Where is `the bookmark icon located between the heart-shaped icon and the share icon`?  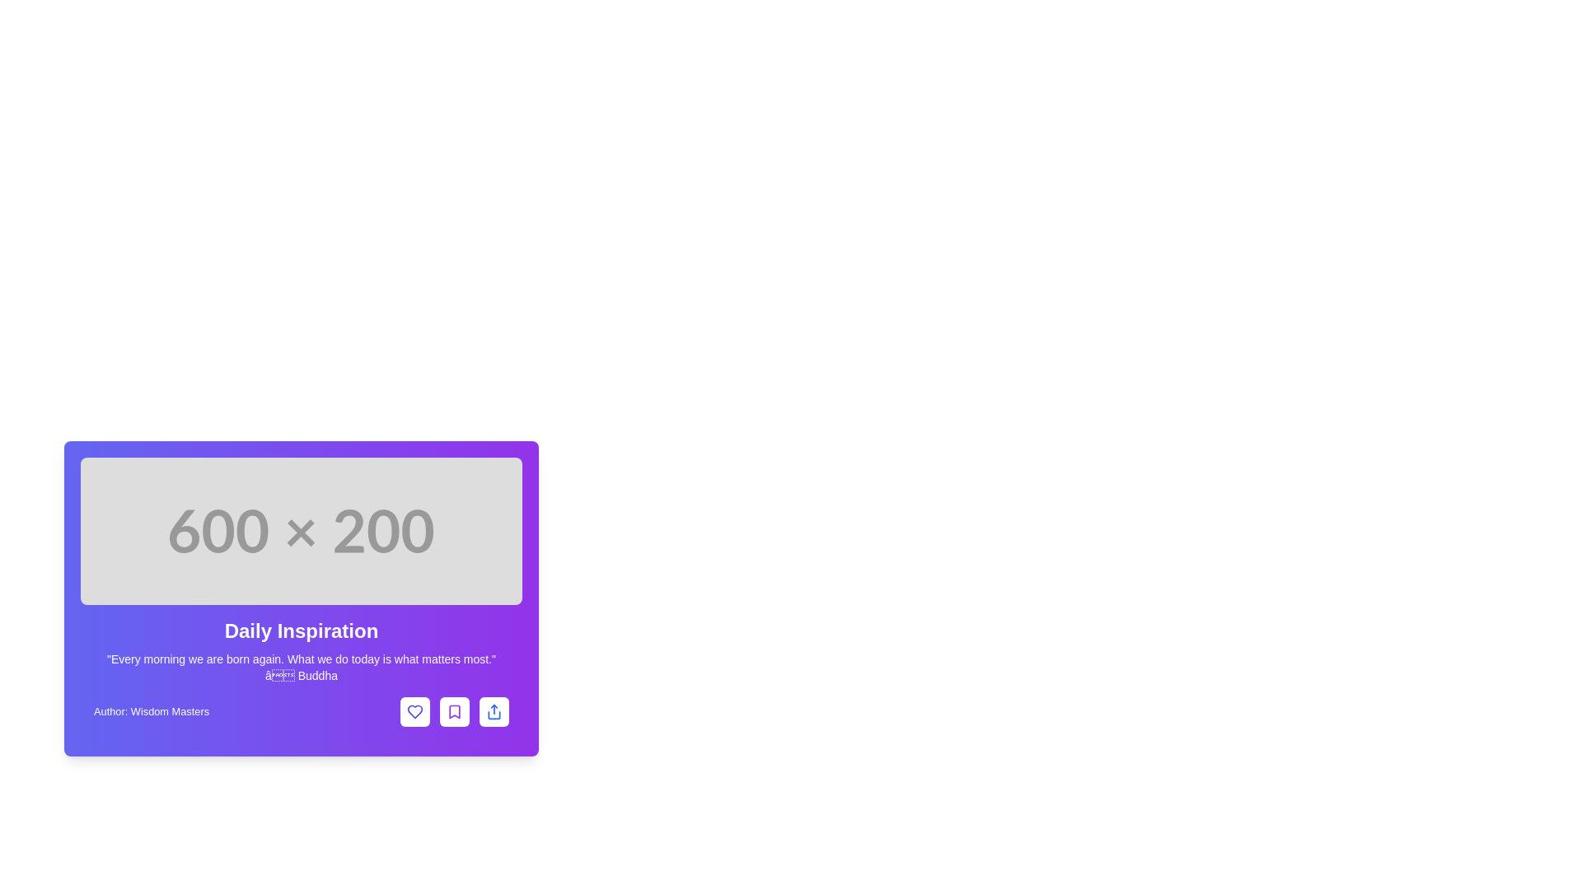
the bookmark icon located between the heart-shaped icon and the share icon is located at coordinates (455, 710).